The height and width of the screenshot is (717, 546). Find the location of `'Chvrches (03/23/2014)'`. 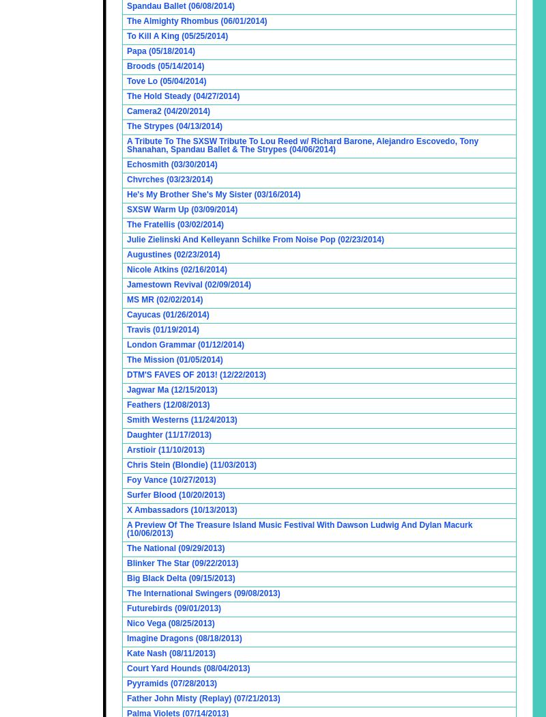

'Chvrches (03/23/2014)' is located at coordinates (169, 179).